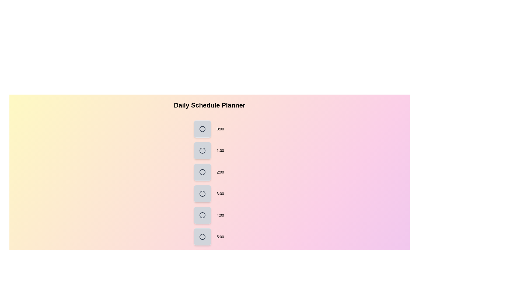 The height and width of the screenshot is (291, 517). I want to click on the hour block corresponding to 5:00, so click(202, 237).